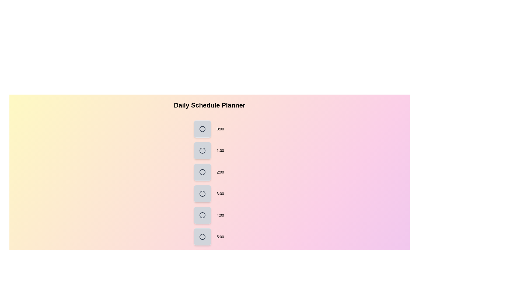 The height and width of the screenshot is (291, 517). I want to click on the hour block corresponding to 5:00, so click(202, 237).